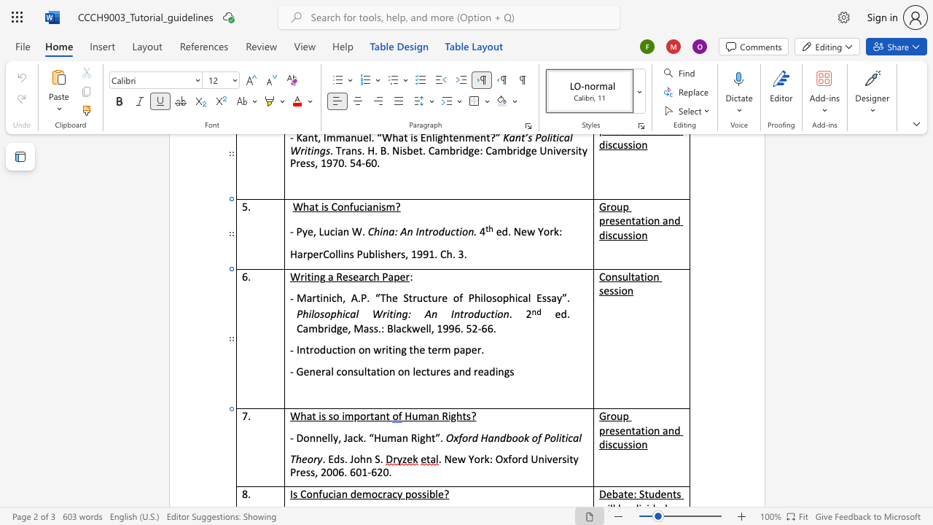  I want to click on the space between the continuous character "u" and "c" in the text, so click(485, 314).